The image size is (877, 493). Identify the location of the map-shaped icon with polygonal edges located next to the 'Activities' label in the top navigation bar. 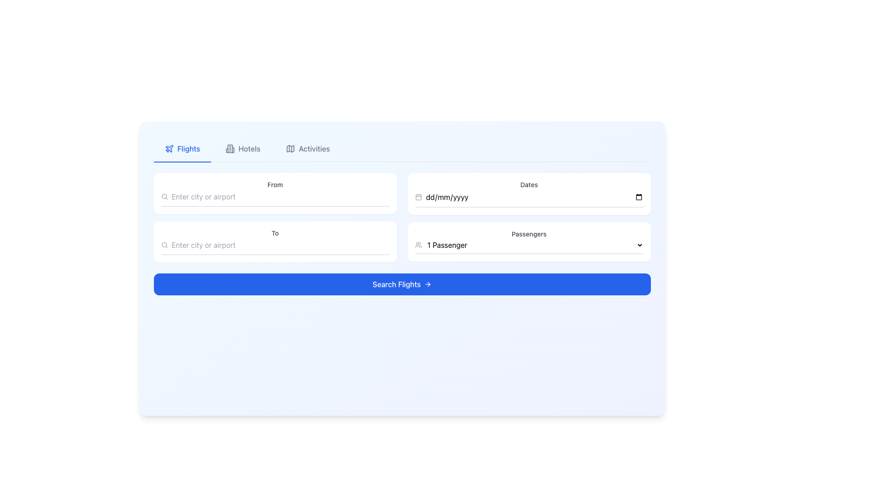
(290, 148).